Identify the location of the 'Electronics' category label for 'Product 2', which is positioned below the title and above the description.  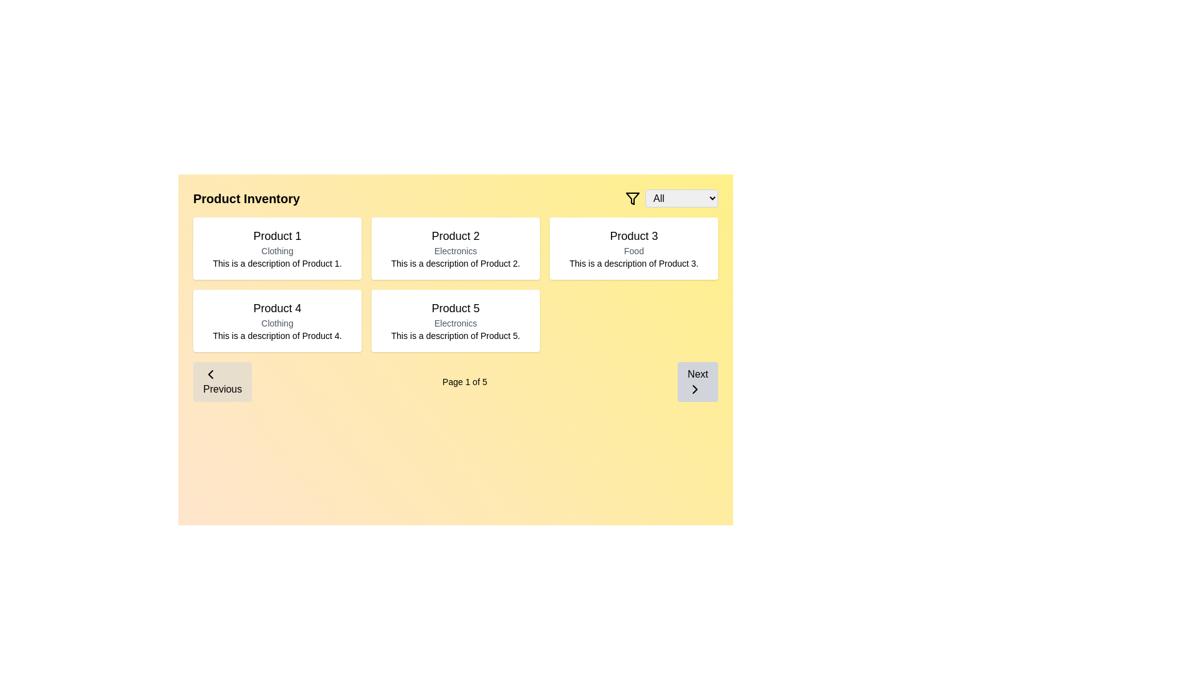
(454, 251).